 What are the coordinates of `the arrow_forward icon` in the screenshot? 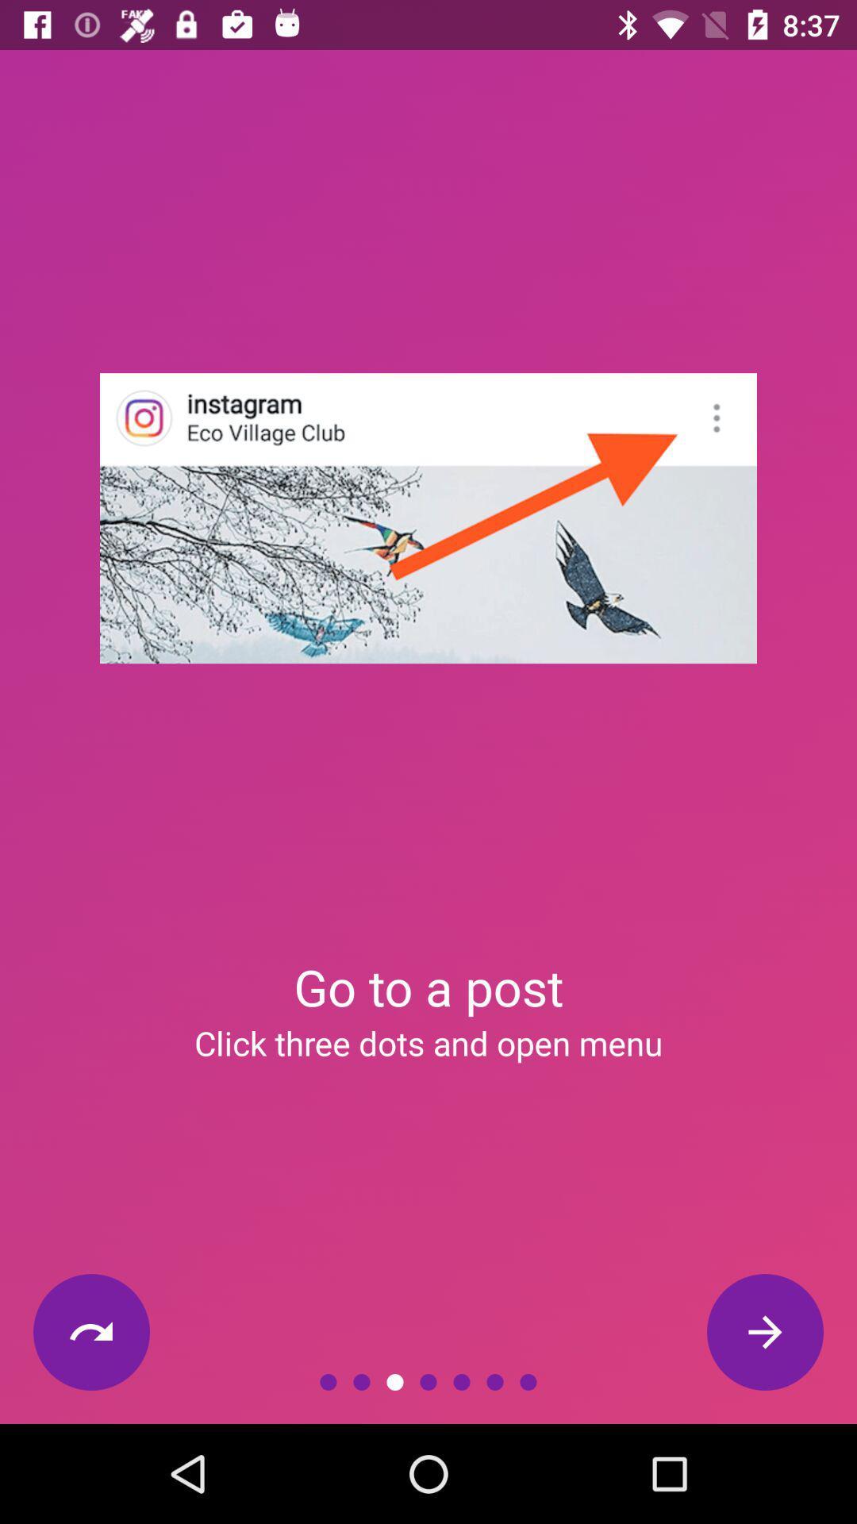 It's located at (764, 1332).